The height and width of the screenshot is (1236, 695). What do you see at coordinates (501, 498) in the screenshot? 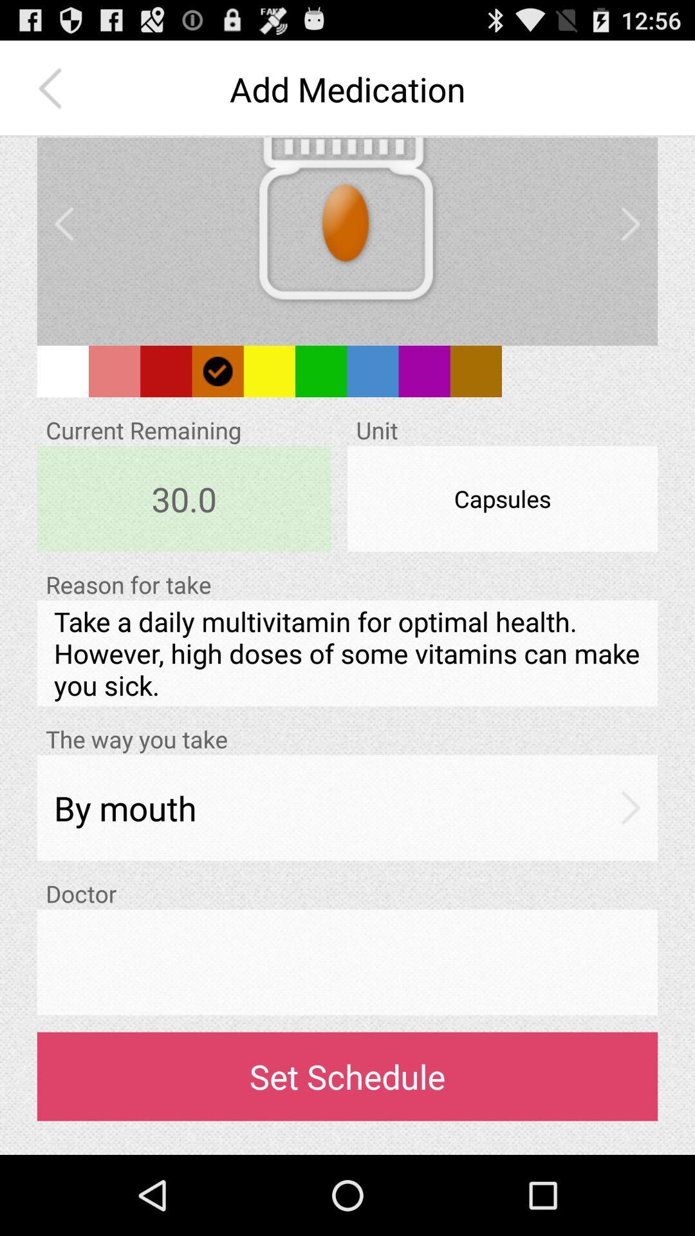
I see `the button below the unit on the web page` at bounding box center [501, 498].